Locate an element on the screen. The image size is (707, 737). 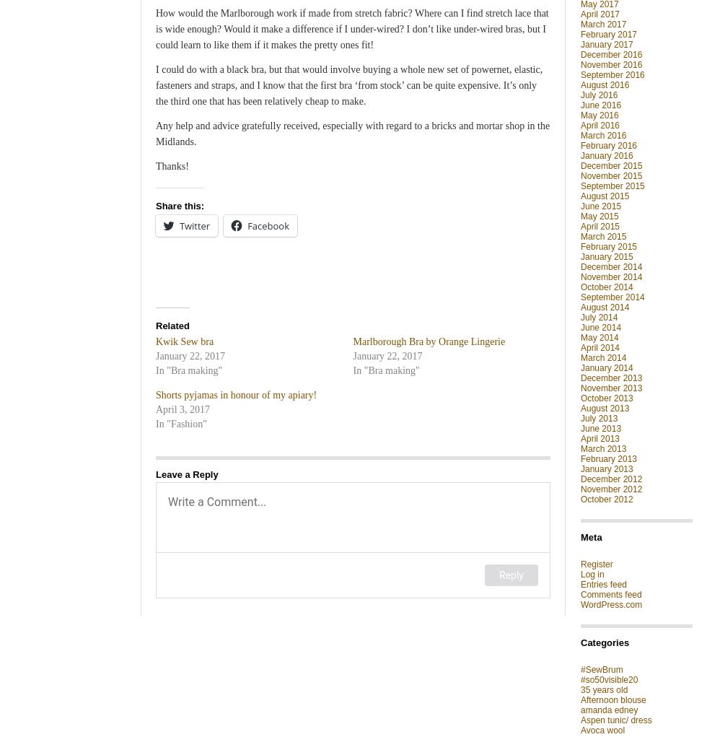
'#so50visible20' is located at coordinates (580, 679).